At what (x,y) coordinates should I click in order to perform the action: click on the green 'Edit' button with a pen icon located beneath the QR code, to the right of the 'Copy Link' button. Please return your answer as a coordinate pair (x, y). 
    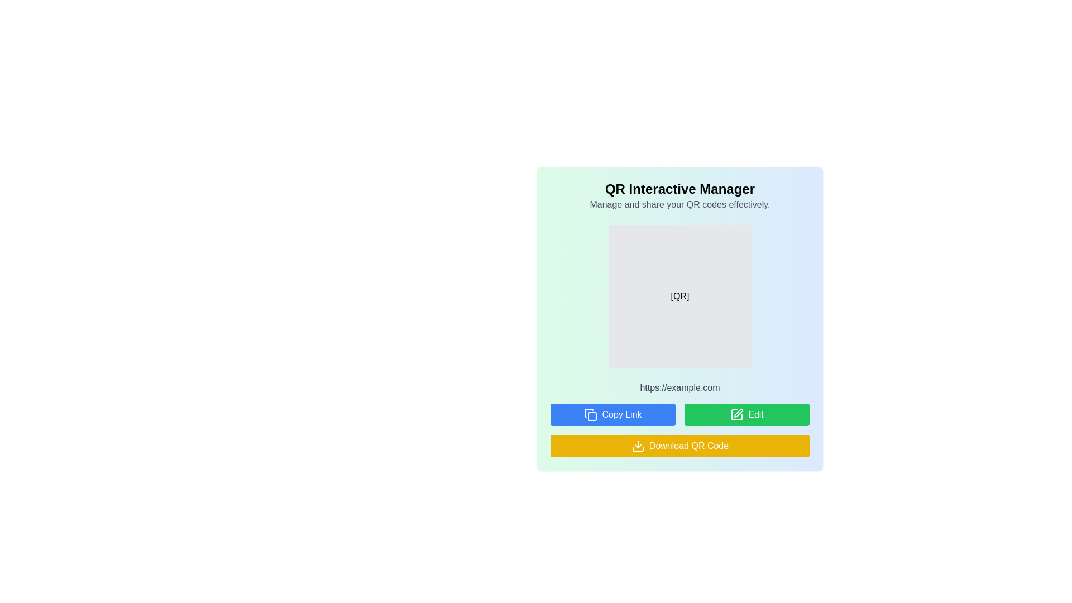
    Looking at the image, I should click on (747, 415).